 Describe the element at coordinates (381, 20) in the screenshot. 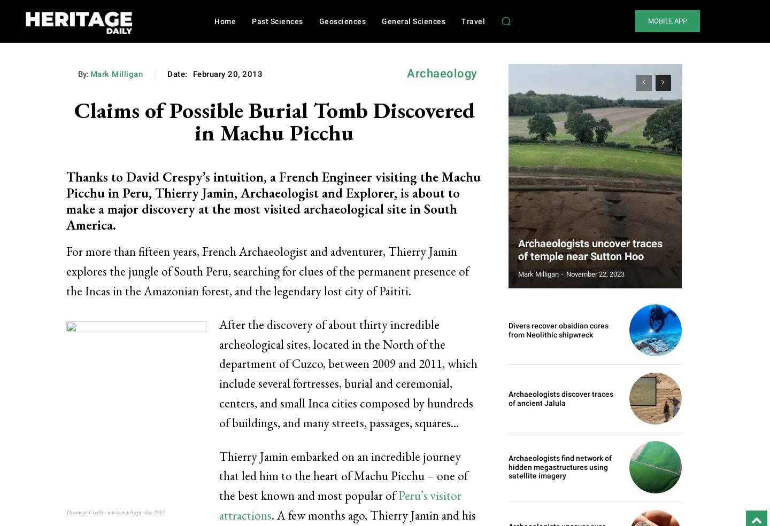

I see `'General Sciences'` at that location.